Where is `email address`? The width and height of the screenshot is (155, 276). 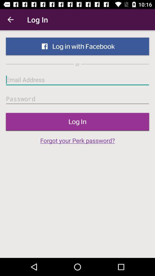 email address is located at coordinates (77, 79).